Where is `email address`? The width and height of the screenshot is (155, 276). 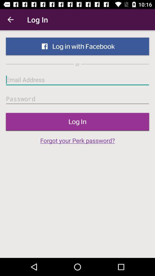 email address is located at coordinates (77, 79).